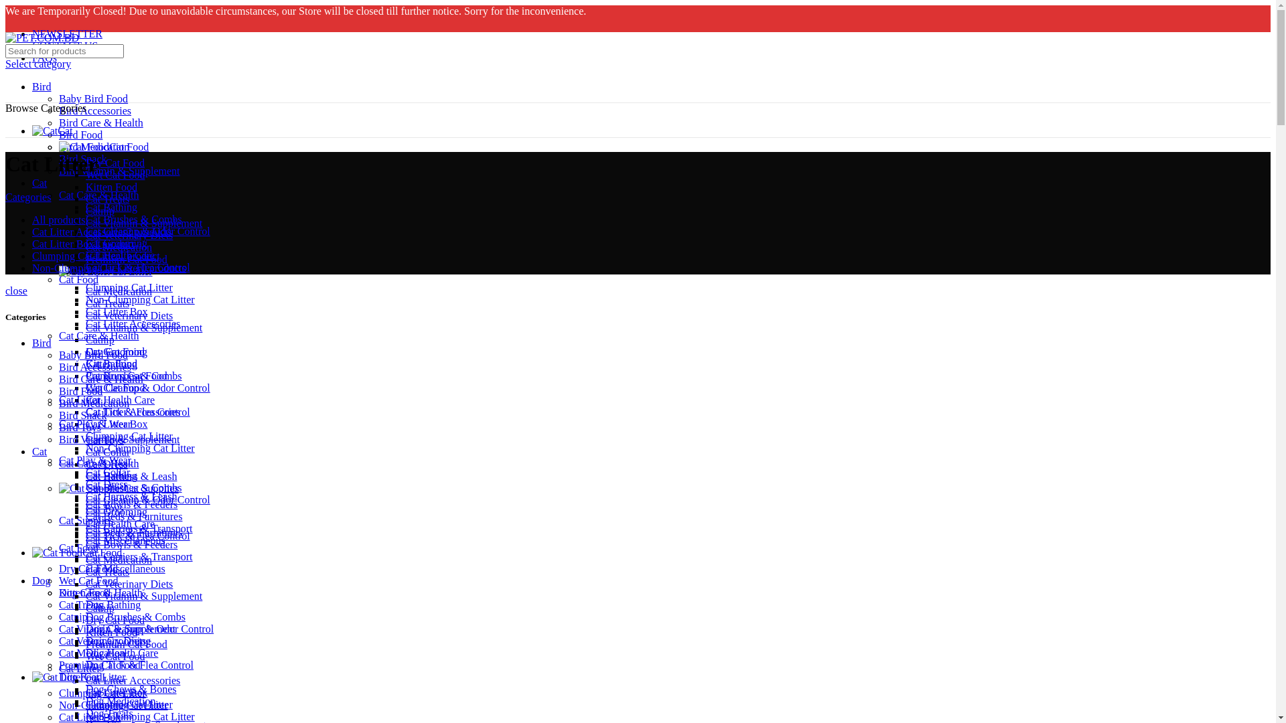  What do you see at coordinates (129, 287) in the screenshot?
I see `'Clumping Cat Litter'` at bounding box center [129, 287].